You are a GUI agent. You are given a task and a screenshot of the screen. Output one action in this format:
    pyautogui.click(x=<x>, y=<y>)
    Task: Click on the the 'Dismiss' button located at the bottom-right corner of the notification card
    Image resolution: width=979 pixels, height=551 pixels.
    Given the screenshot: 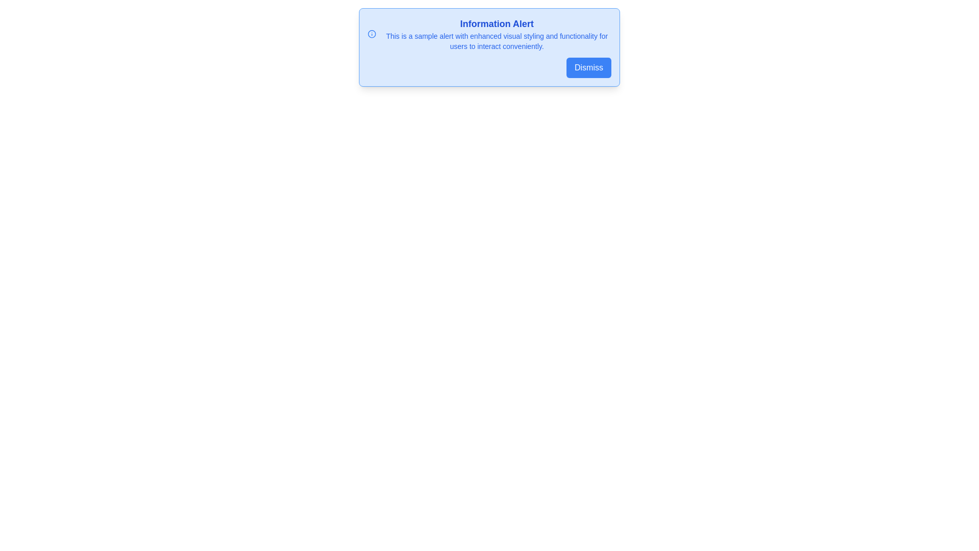 What is the action you would take?
    pyautogui.click(x=589, y=67)
    